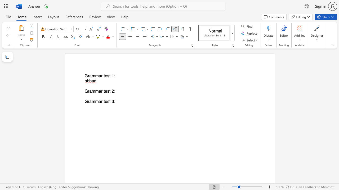  Describe the element at coordinates (110, 91) in the screenshot. I see `the 2th character "t" in the text` at that location.